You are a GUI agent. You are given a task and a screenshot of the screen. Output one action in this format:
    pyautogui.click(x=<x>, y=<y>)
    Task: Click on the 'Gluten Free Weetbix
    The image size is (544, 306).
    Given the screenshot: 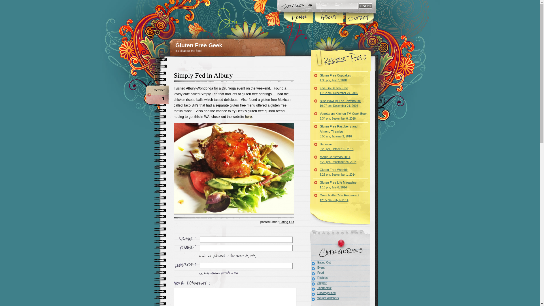 What is the action you would take?
    pyautogui.click(x=313, y=172)
    